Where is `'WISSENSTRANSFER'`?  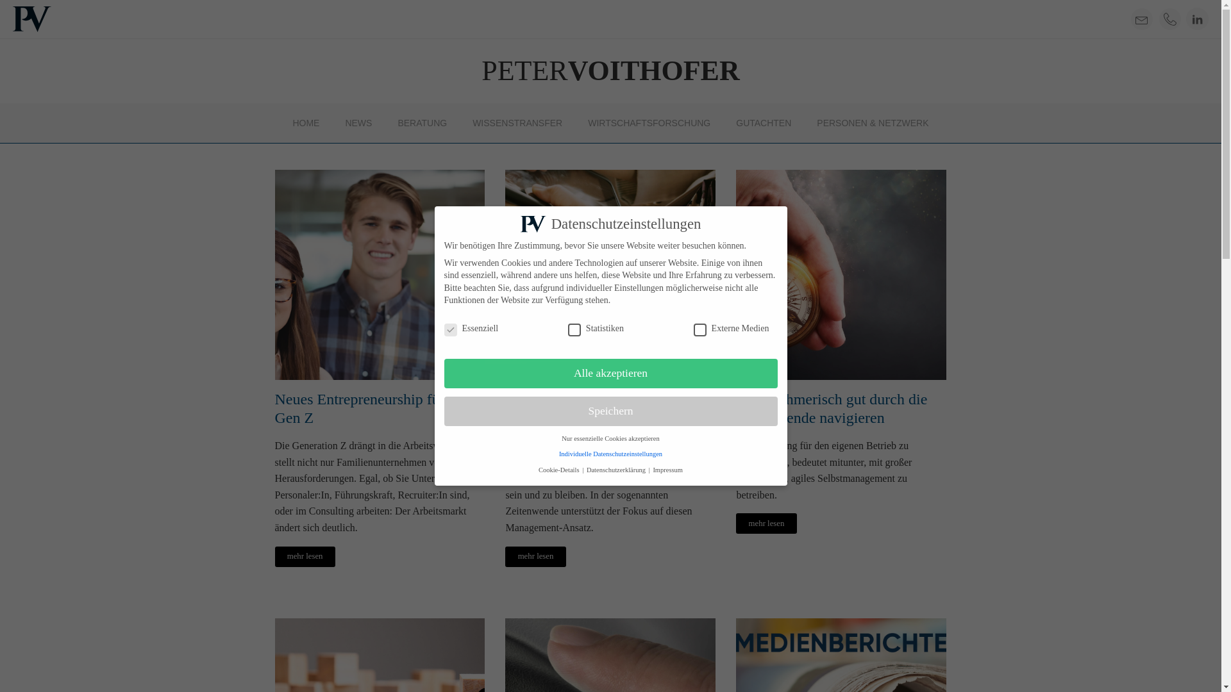 'WISSENSTRANSFER' is located at coordinates (517, 123).